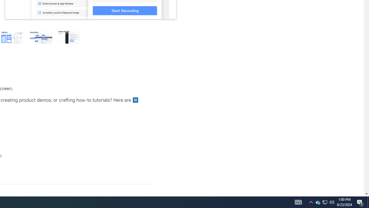  Describe the element at coordinates (69, 36) in the screenshot. I see `'Preview slide 6'` at that location.